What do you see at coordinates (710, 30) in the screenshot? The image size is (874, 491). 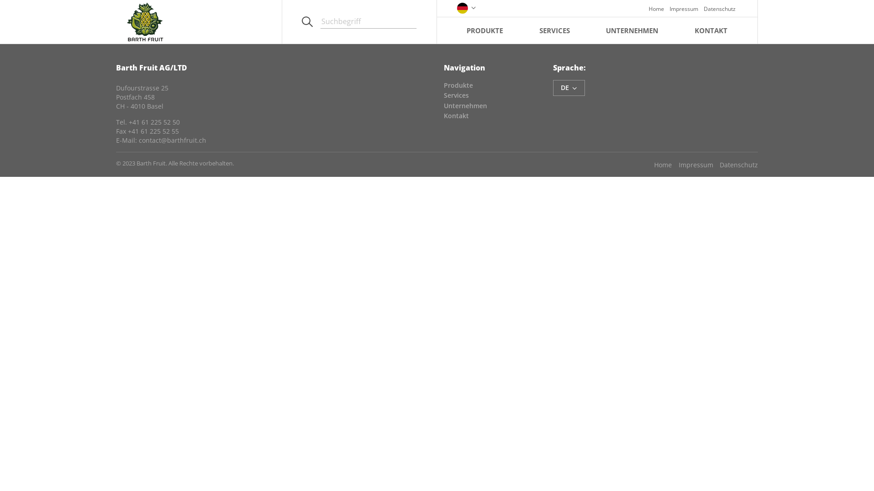 I see `'KONTAKT'` at bounding box center [710, 30].